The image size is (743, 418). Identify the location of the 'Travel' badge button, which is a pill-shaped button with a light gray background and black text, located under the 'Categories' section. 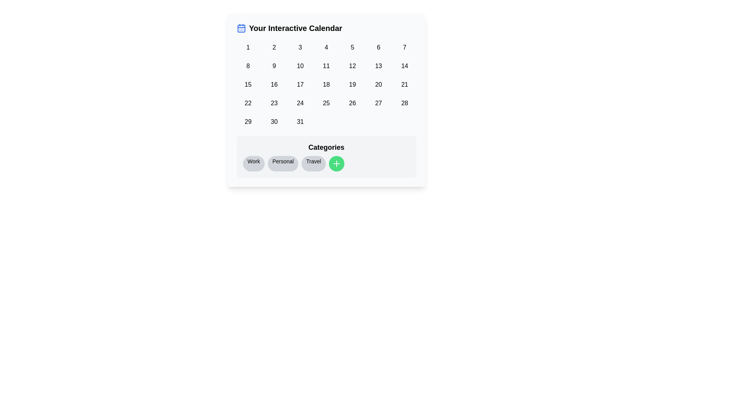
(313, 163).